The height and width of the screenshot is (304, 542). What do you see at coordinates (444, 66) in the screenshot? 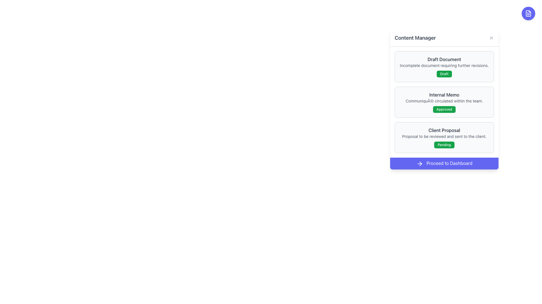
I see `the Informational card that displays the status and brief description of a document in draft state, positioned above 'Internal Memo' and 'Client Proposal' sections` at bounding box center [444, 66].